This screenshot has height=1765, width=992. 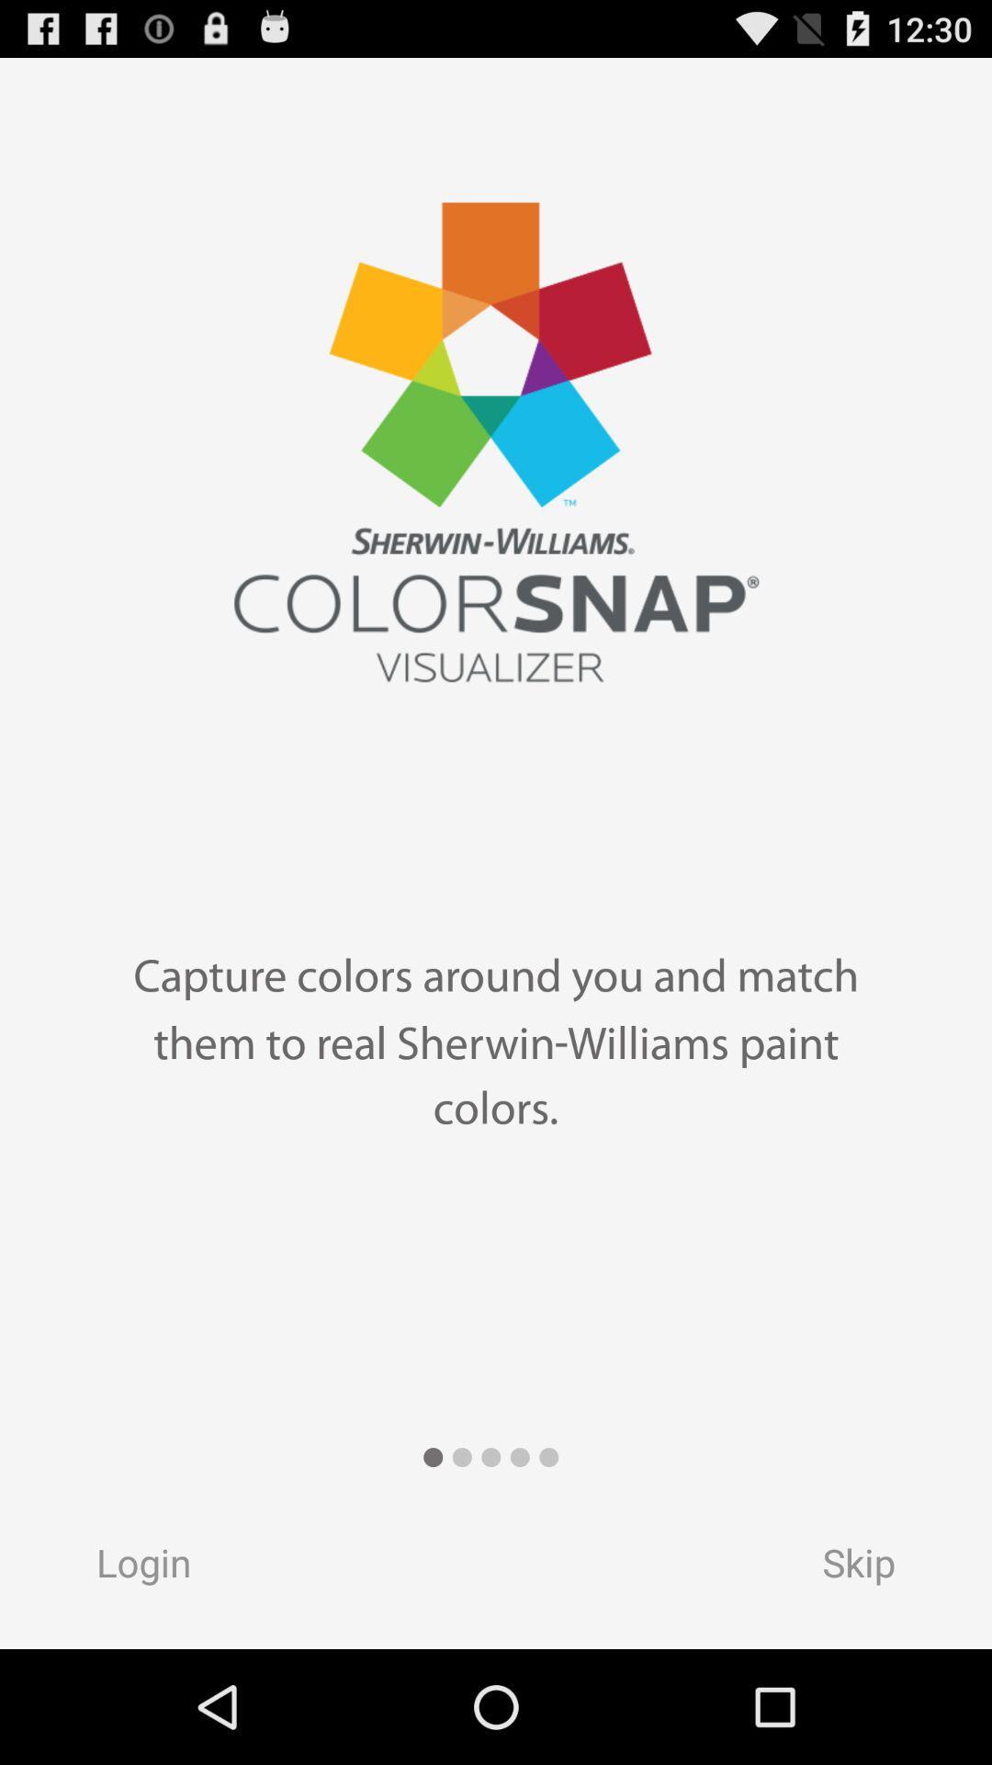 What do you see at coordinates (125, 1567) in the screenshot?
I see `the item at the bottom left corner` at bounding box center [125, 1567].